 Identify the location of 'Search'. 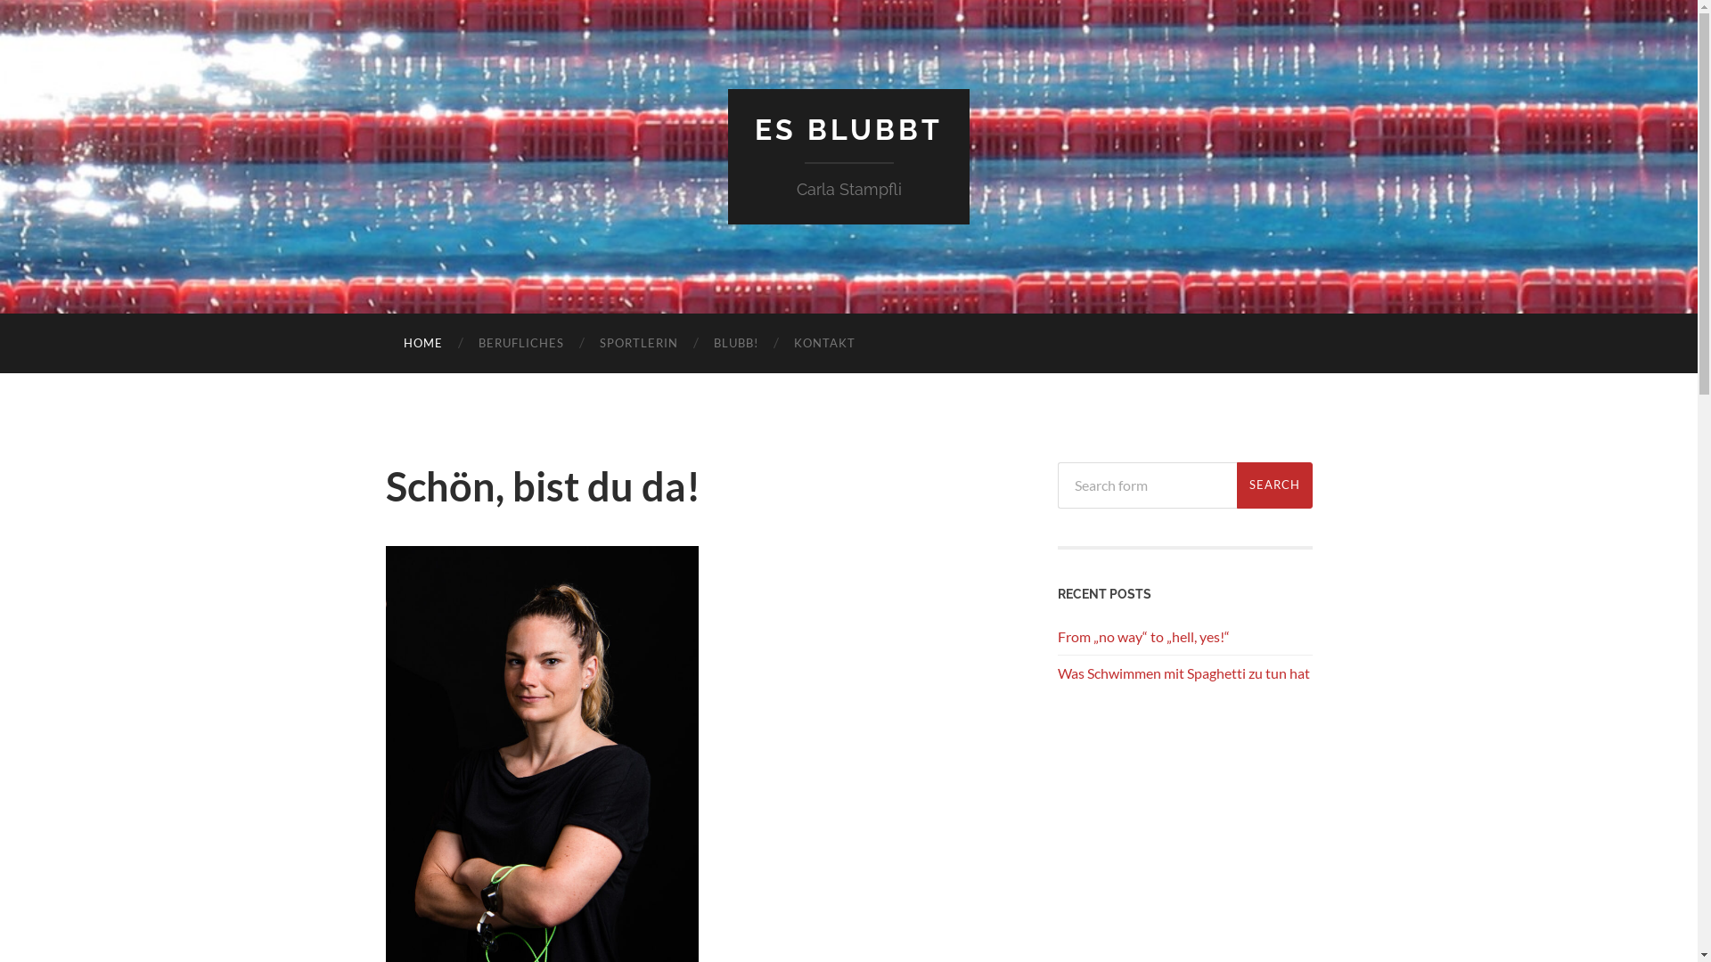
(1273, 484).